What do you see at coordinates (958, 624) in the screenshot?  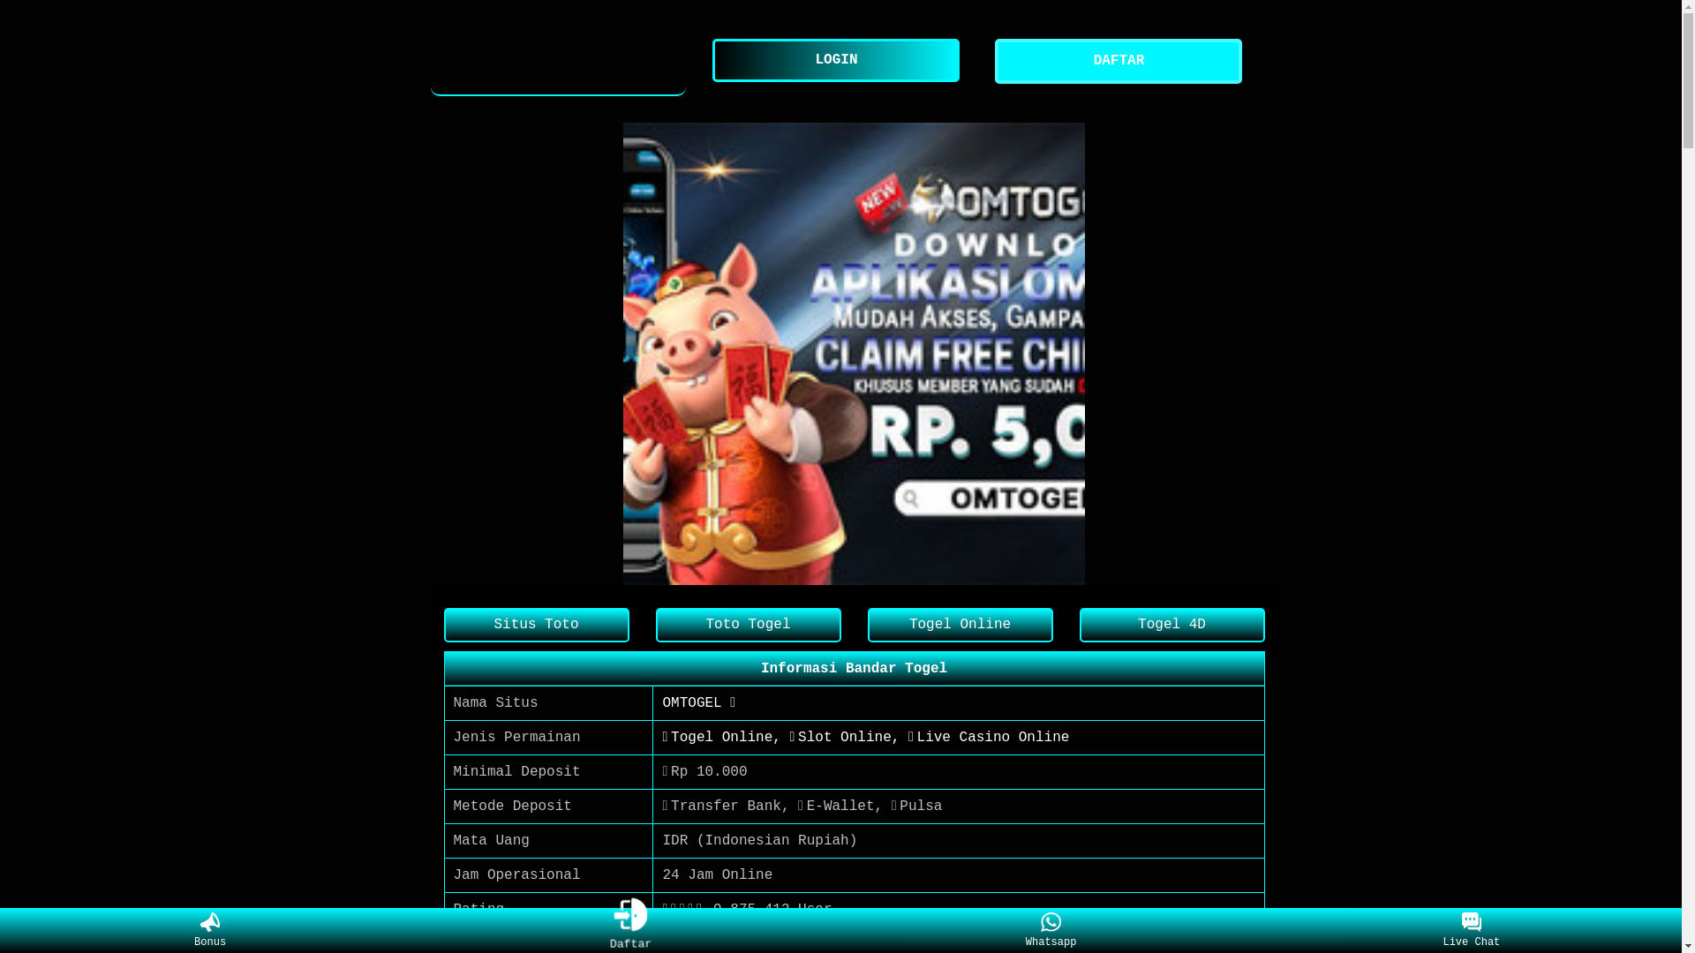 I see `'Togel Online'` at bounding box center [958, 624].